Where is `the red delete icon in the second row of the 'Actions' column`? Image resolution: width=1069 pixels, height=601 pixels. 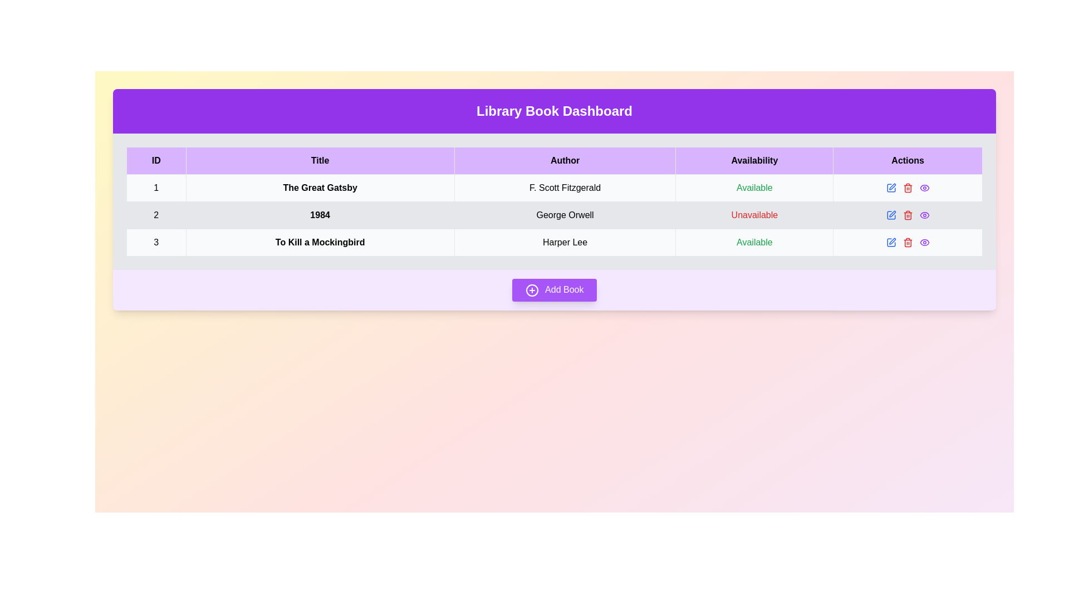 the red delete icon in the second row of the 'Actions' column is located at coordinates (908, 215).